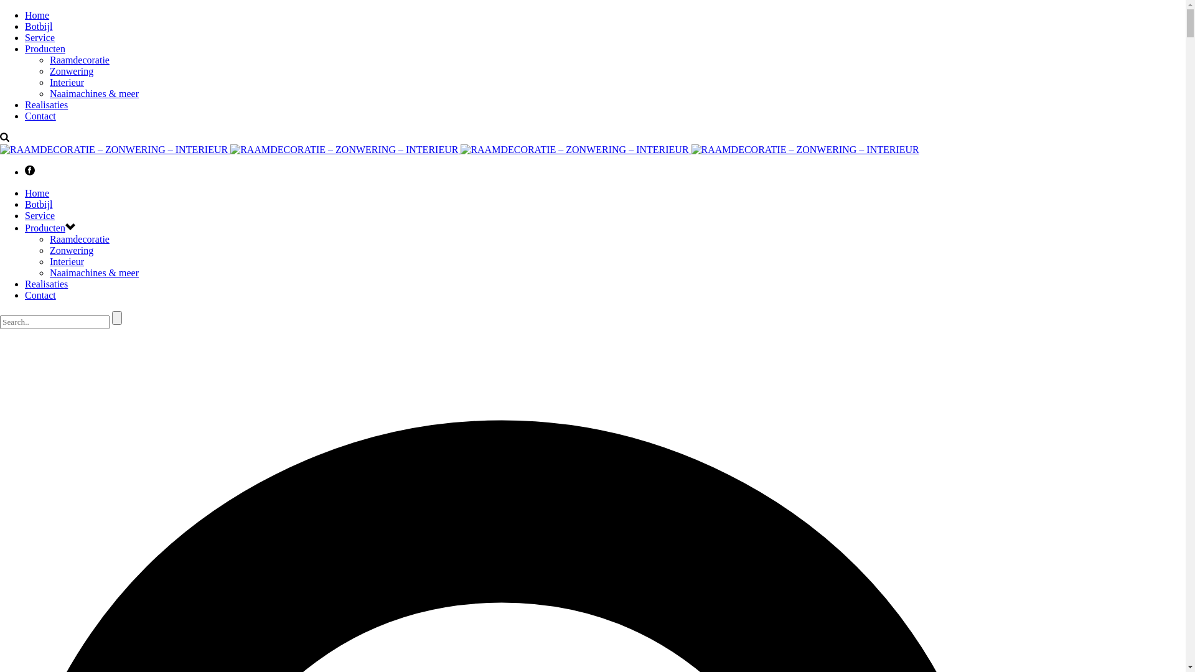  What do you see at coordinates (37, 193) in the screenshot?
I see `'Home'` at bounding box center [37, 193].